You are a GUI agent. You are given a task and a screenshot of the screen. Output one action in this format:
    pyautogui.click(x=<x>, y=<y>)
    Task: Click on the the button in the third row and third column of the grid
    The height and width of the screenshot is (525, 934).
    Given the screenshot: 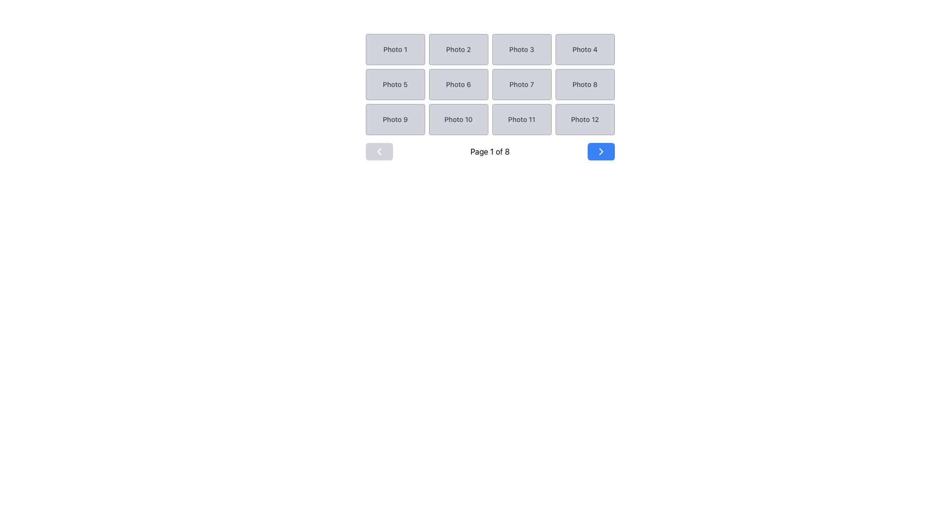 What is the action you would take?
    pyautogui.click(x=521, y=119)
    